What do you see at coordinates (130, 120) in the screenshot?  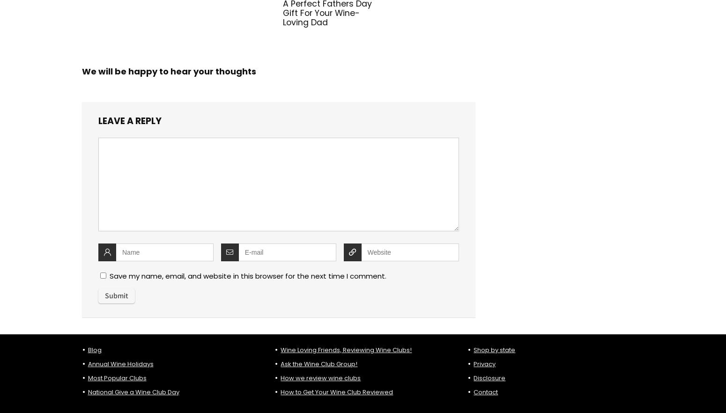 I see `'Leave a reply'` at bounding box center [130, 120].